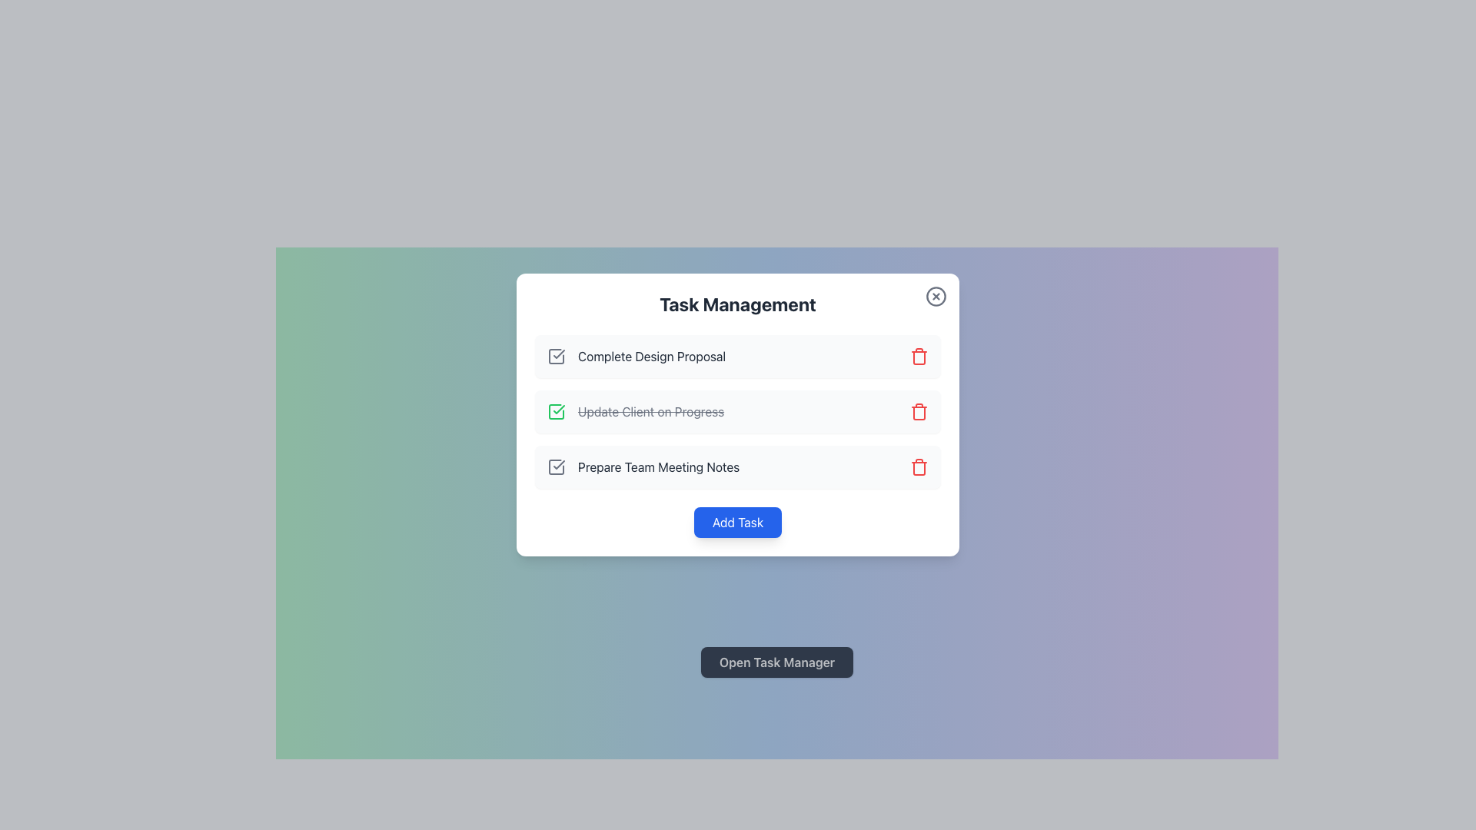  What do you see at coordinates (556, 466) in the screenshot?
I see `the checkbox icon with a checkmark inside, located adjacent to the text 'Prepare Team Meeting Notes' in the 'Task Management' panel` at bounding box center [556, 466].